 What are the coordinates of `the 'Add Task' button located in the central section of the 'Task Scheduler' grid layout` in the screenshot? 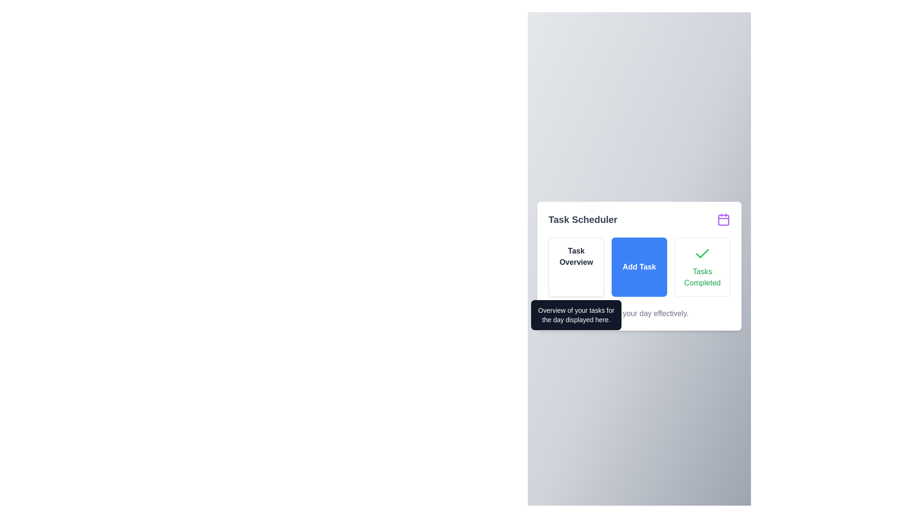 It's located at (639, 267).